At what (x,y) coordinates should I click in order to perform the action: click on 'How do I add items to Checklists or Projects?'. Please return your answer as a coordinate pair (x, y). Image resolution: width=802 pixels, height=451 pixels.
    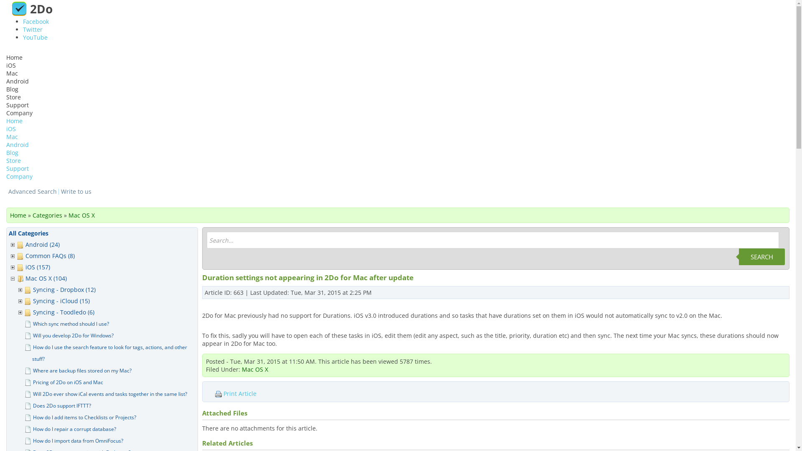
    Looking at the image, I should click on (86, 417).